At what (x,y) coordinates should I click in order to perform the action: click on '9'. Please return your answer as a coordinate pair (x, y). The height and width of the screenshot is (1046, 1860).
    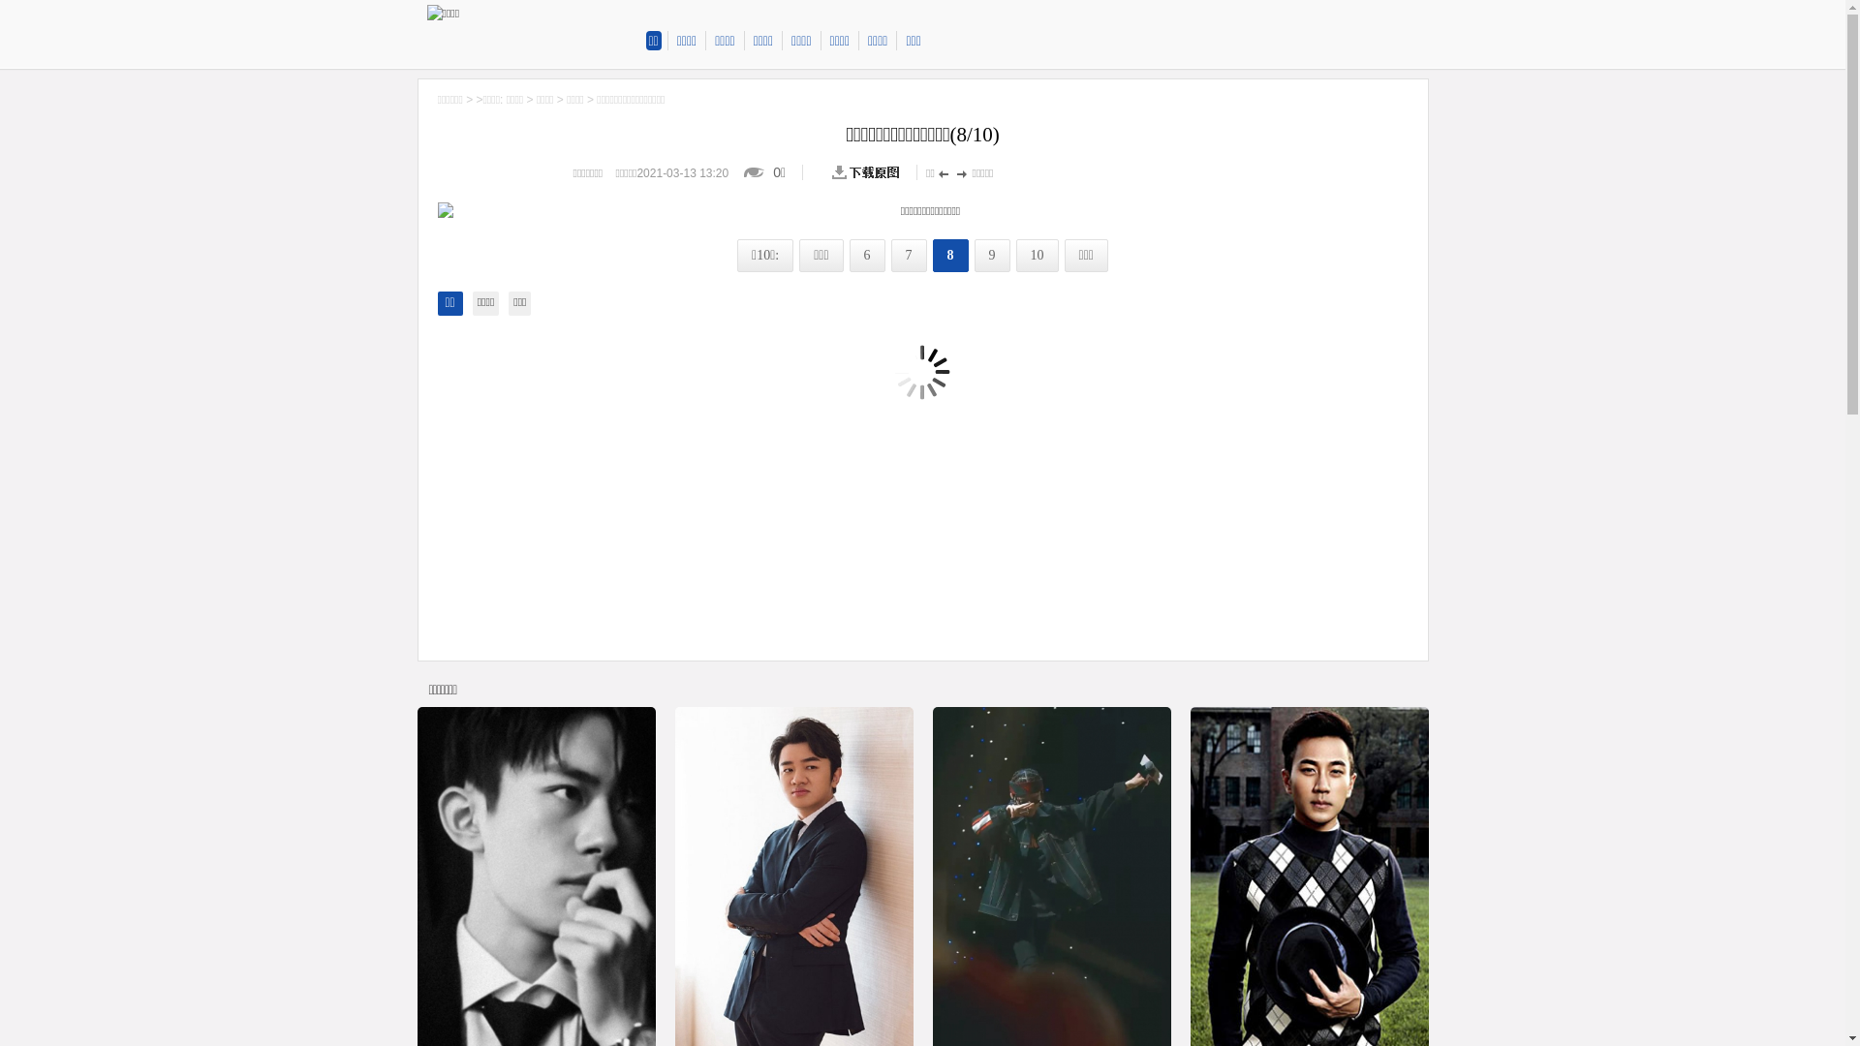
    Looking at the image, I should click on (975, 254).